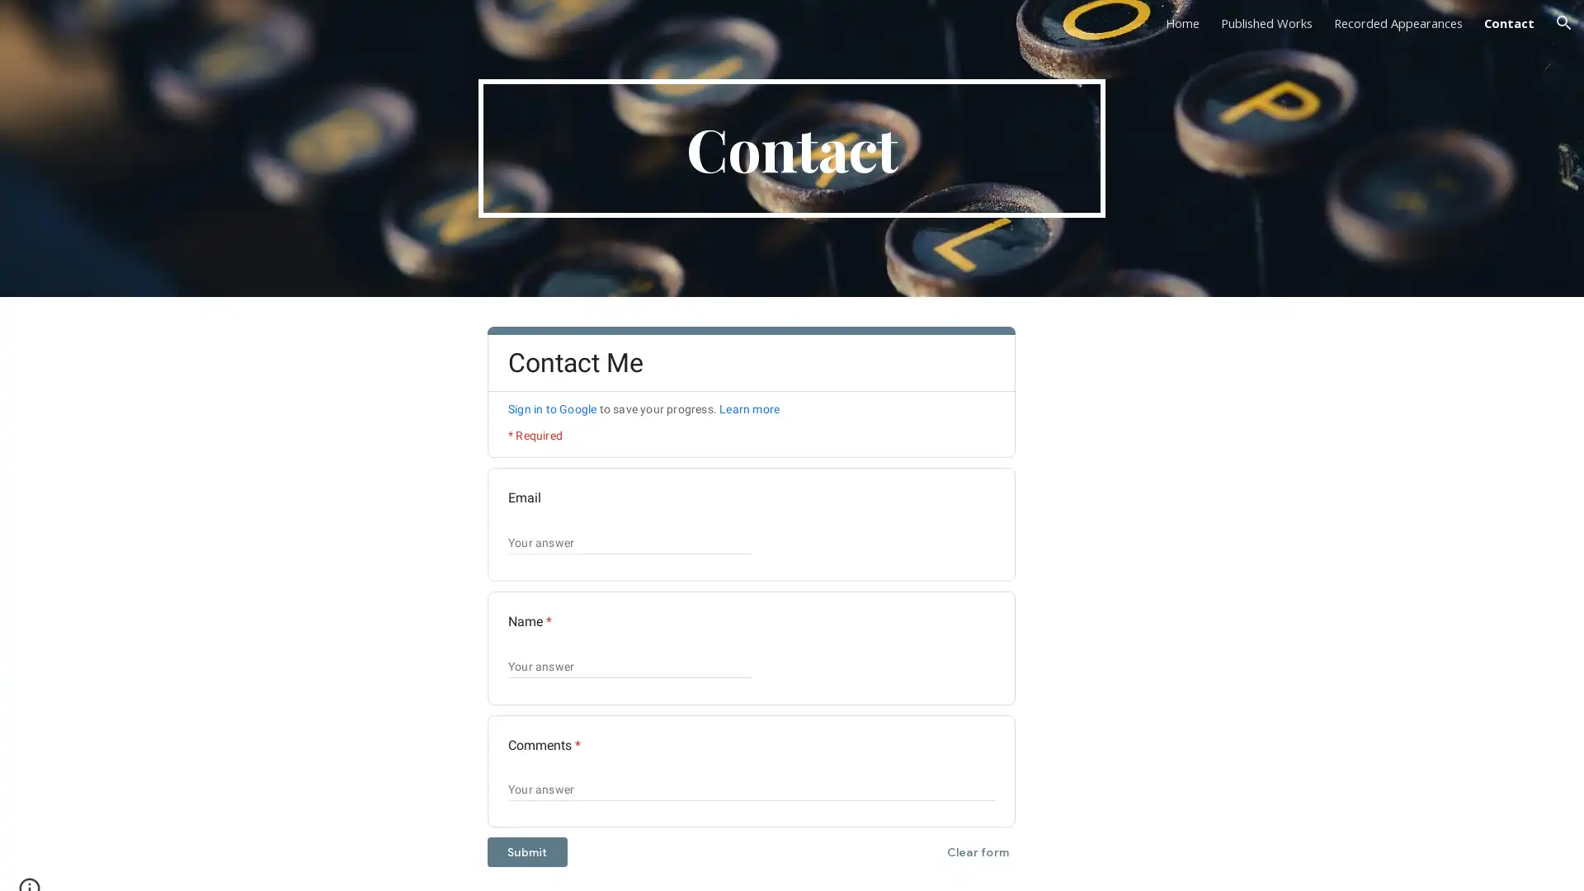 This screenshot has width=1584, height=891. I want to click on Site actions, so click(29, 861).